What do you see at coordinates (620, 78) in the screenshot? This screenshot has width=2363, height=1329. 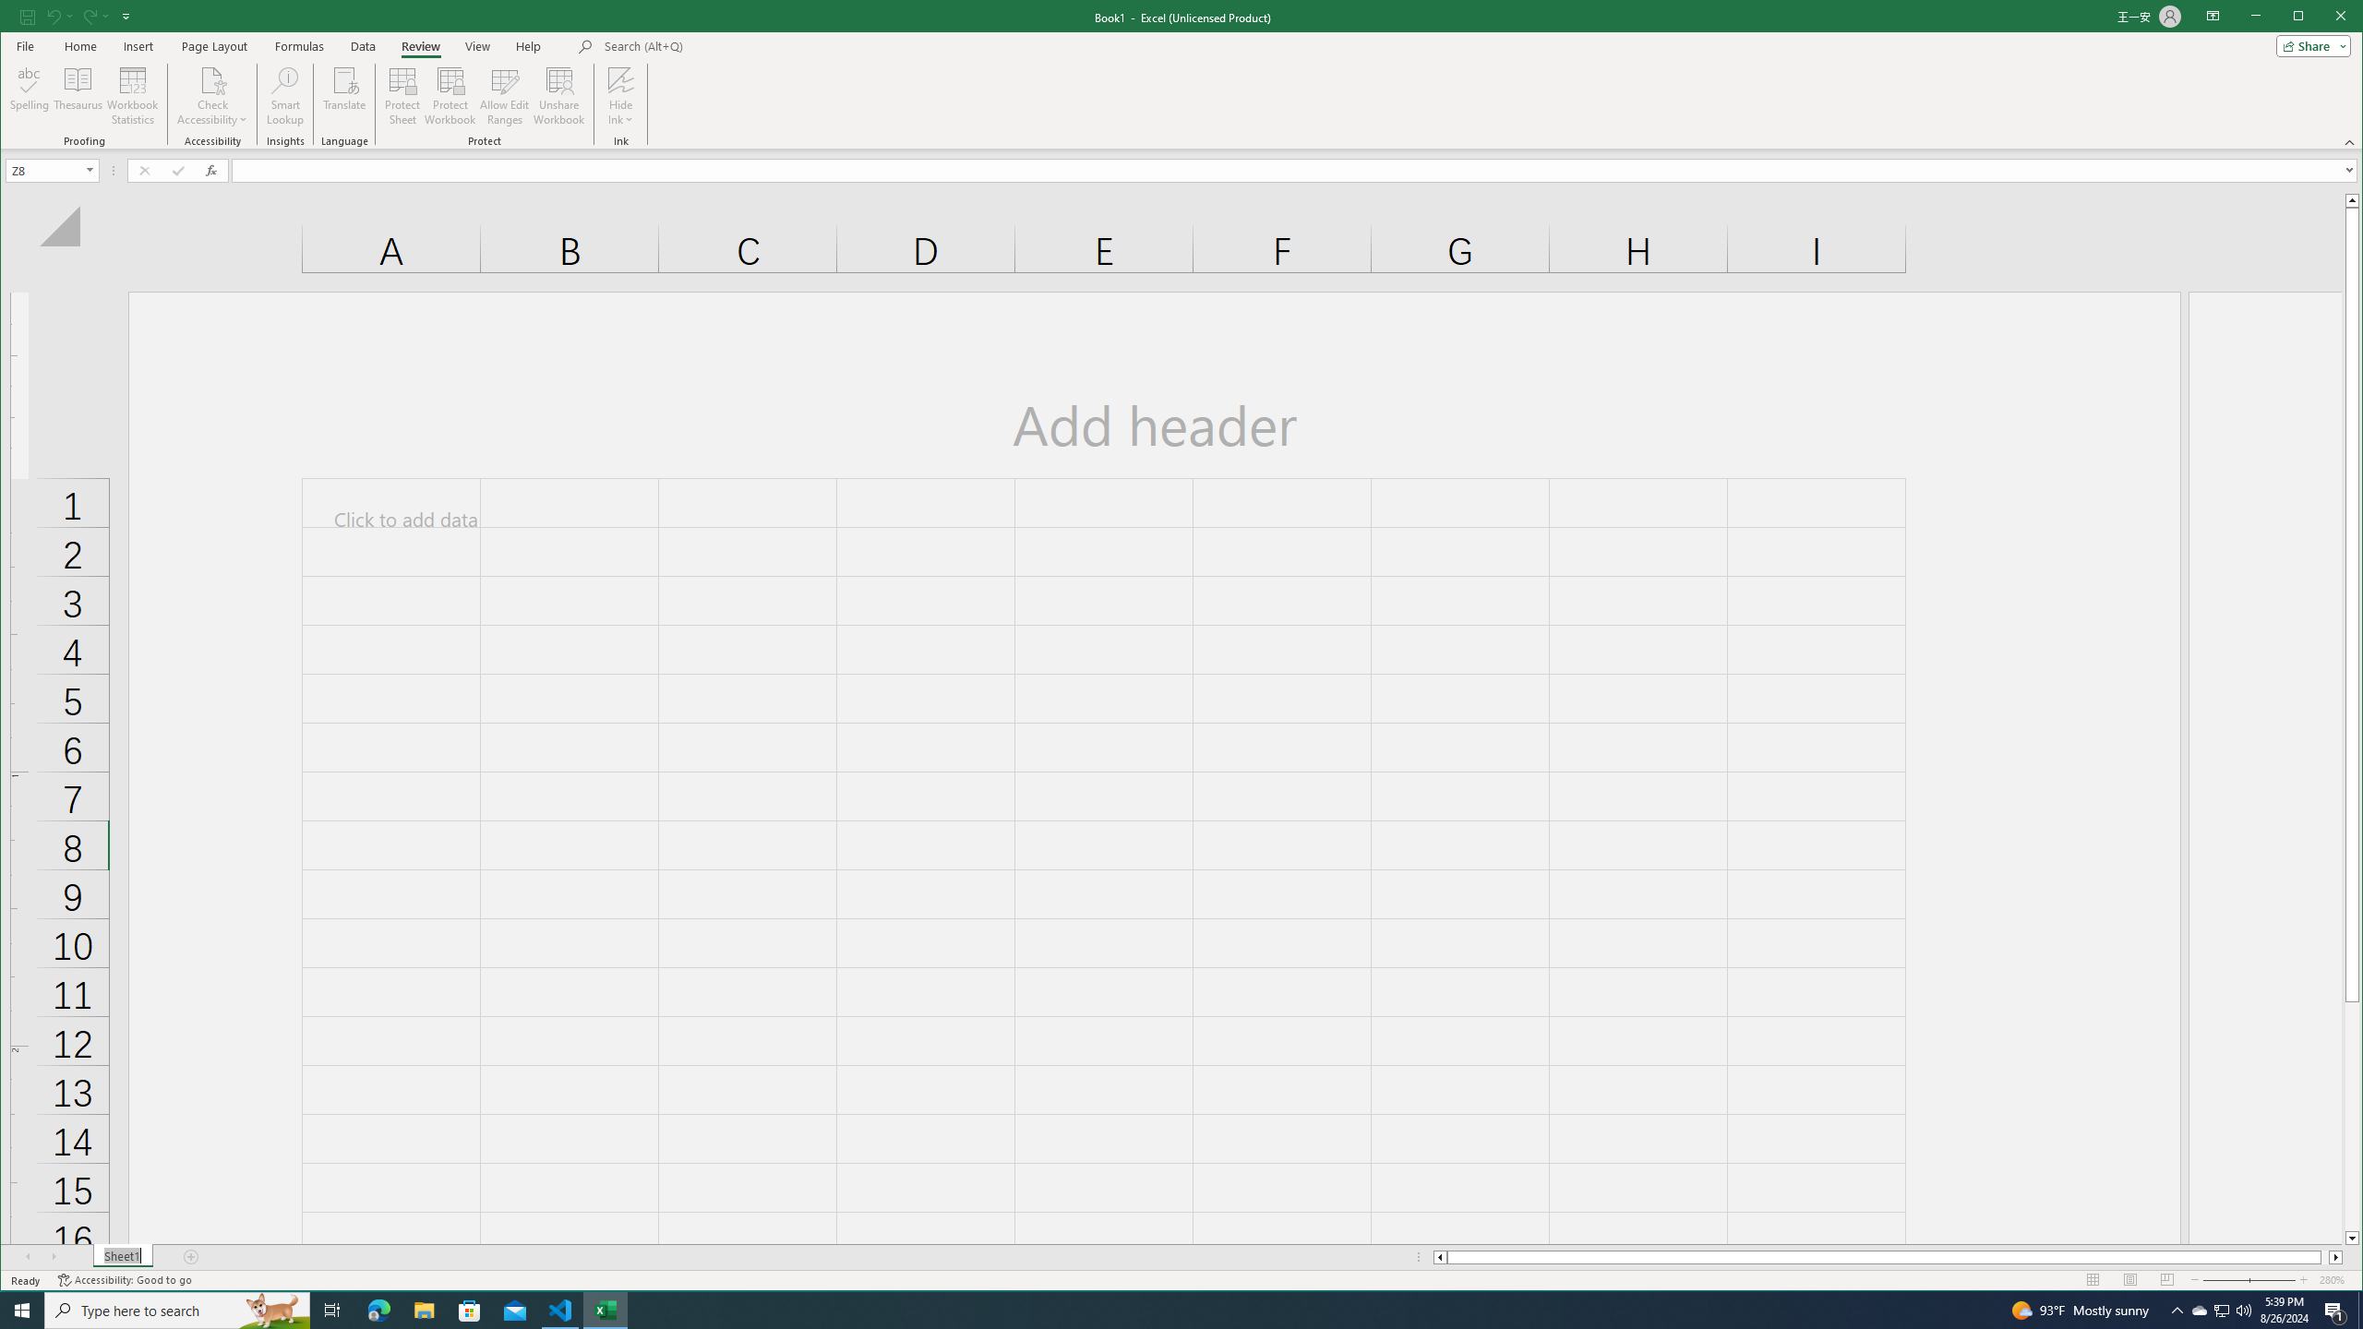 I see `'Hide Ink'` at bounding box center [620, 78].